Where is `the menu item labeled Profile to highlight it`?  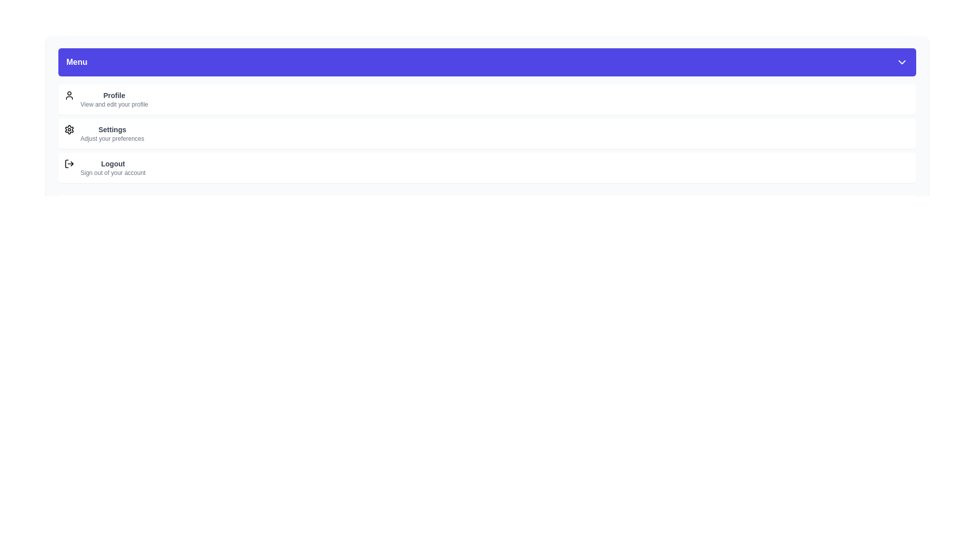
the menu item labeled Profile to highlight it is located at coordinates (487, 99).